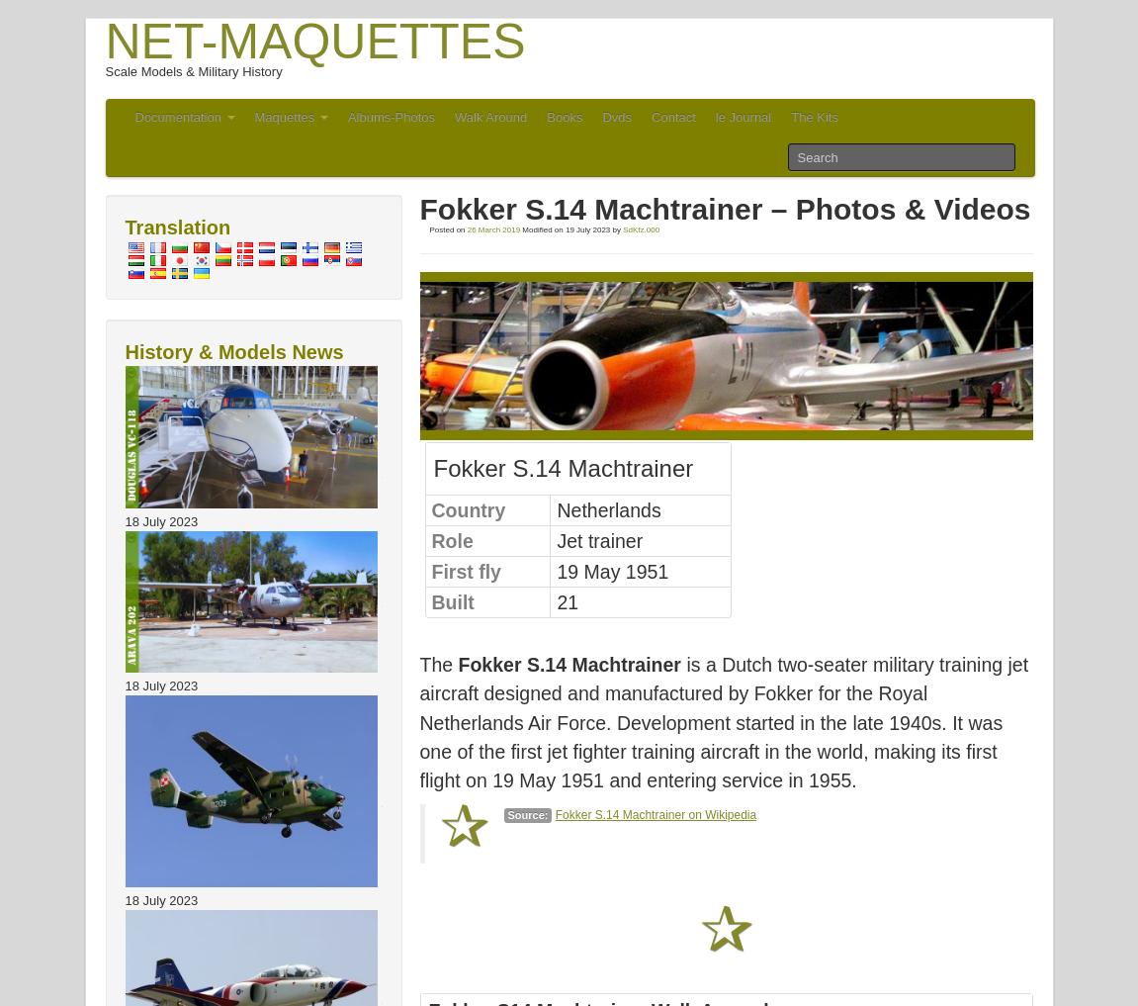 The height and width of the screenshot is (1006, 1138). I want to click on '19 May 1951', so click(612, 570).